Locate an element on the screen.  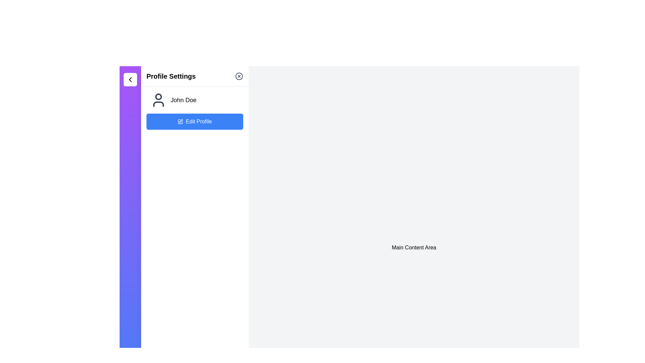
the circular user profile icon, which is gray in color, located below the 'Profile Settings' label and above the 'Edit Profile' button is located at coordinates (158, 100).